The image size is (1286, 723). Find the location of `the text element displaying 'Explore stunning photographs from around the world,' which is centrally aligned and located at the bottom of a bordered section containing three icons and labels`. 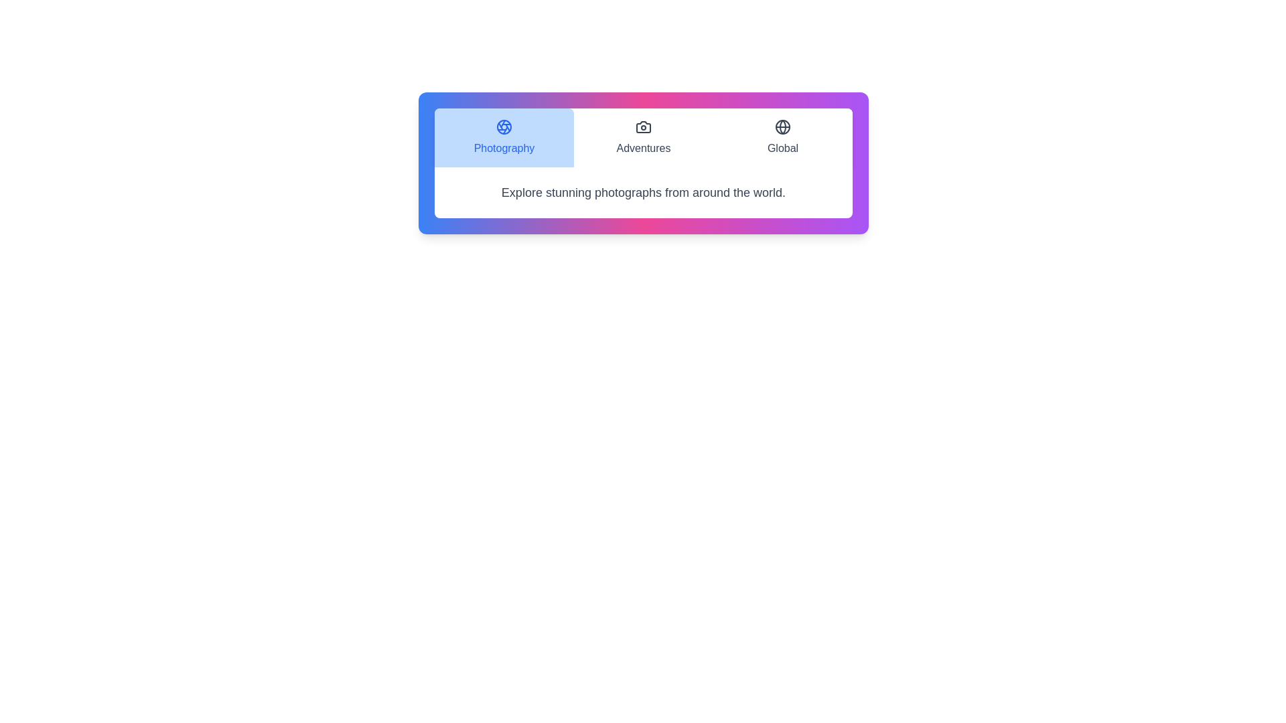

the text element displaying 'Explore stunning photographs from around the world,' which is centrally aligned and located at the bottom of a bordered section containing three icons and labels is located at coordinates (643, 193).